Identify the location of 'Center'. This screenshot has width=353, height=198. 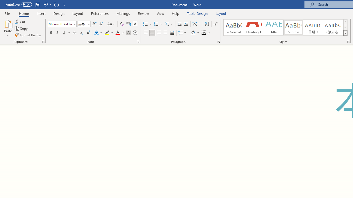
(152, 33).